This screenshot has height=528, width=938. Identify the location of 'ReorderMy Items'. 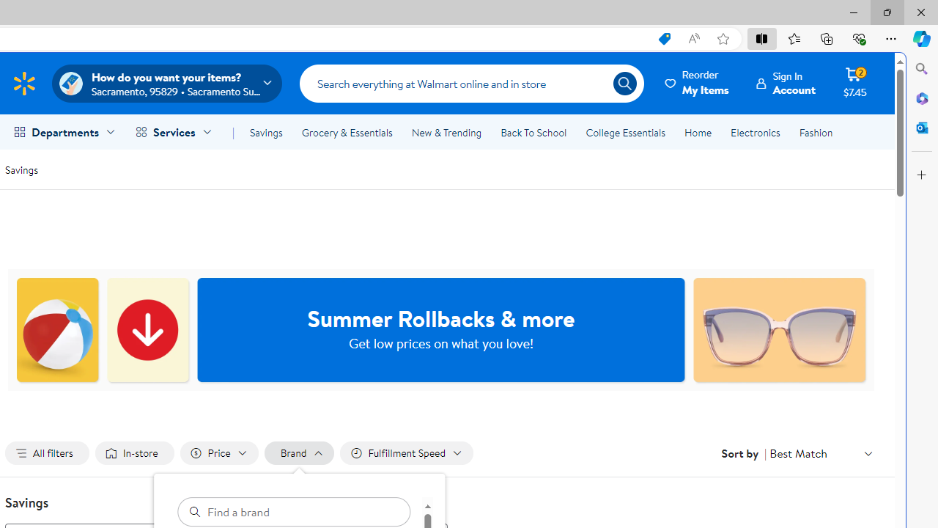
(697, 83).